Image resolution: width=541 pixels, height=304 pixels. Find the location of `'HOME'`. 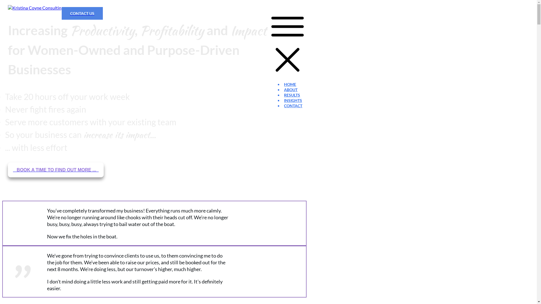

'HOME' is located at coordinates (290, 84).